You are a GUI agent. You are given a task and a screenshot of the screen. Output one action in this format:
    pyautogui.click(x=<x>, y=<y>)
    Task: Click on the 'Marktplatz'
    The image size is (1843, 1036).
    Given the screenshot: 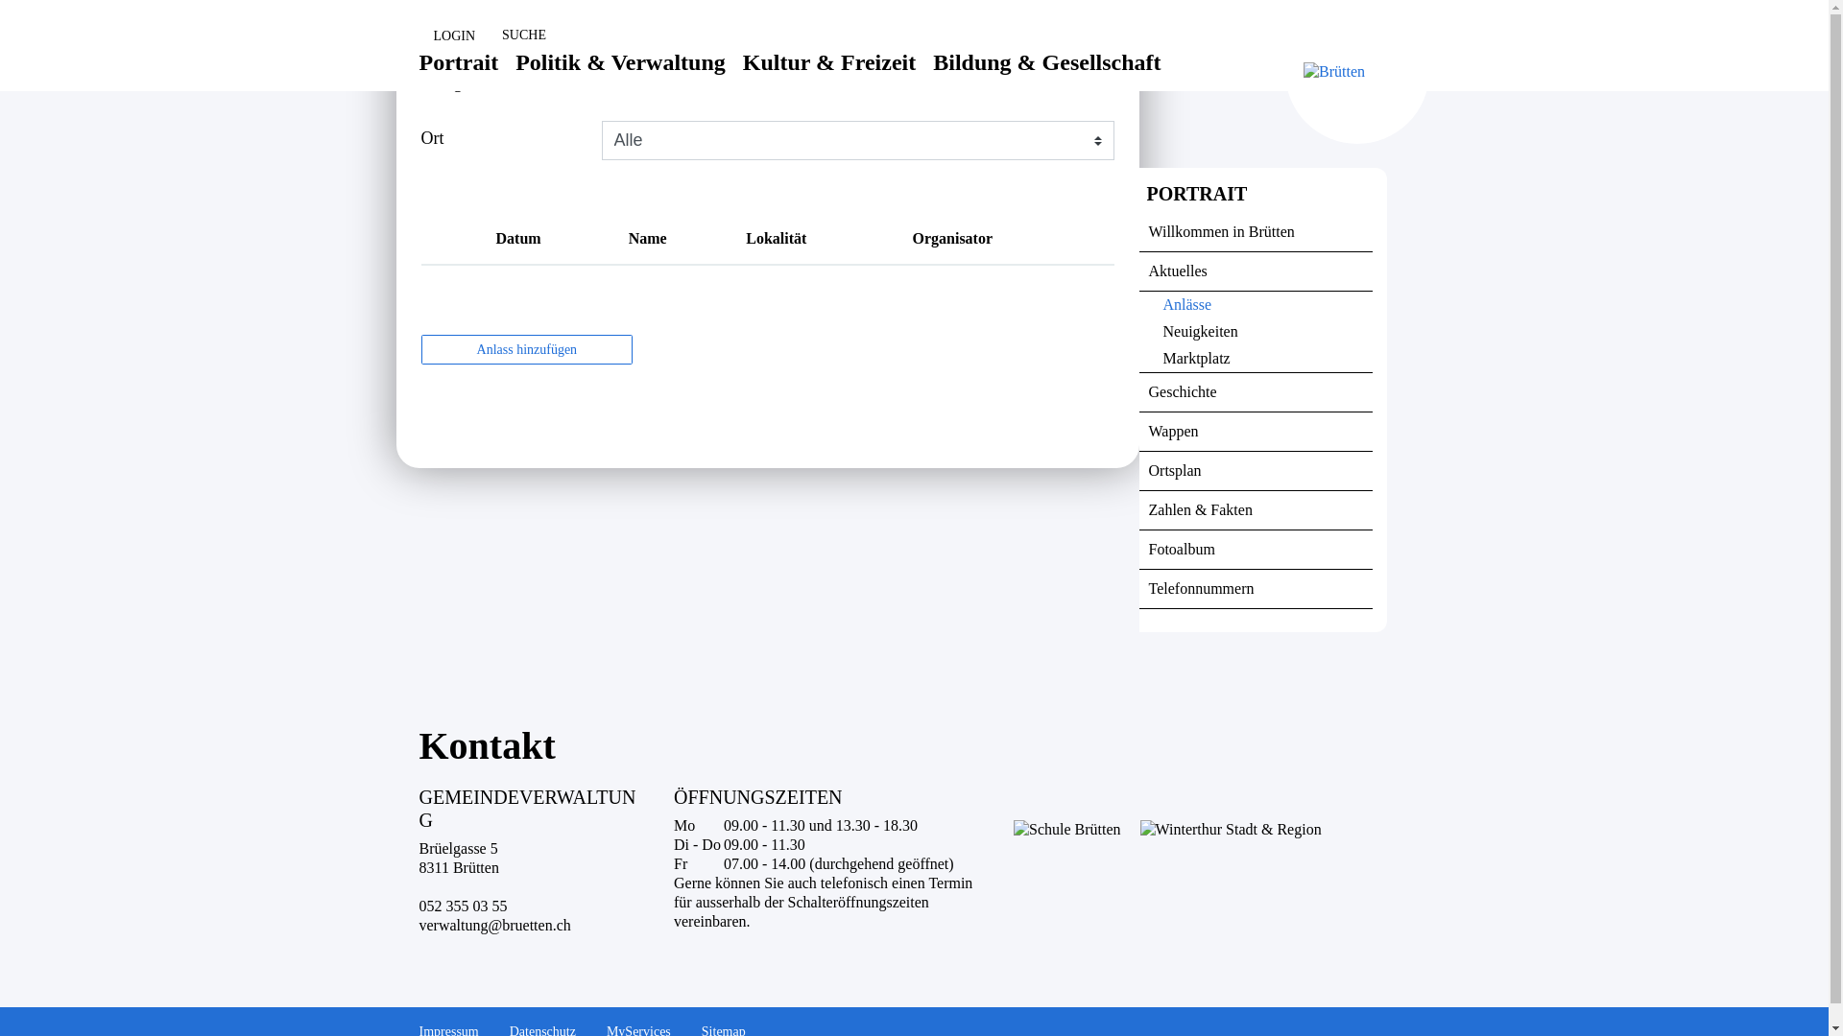 What is the action you would take?
    pyautogui.click(x=1255, y=359)
    